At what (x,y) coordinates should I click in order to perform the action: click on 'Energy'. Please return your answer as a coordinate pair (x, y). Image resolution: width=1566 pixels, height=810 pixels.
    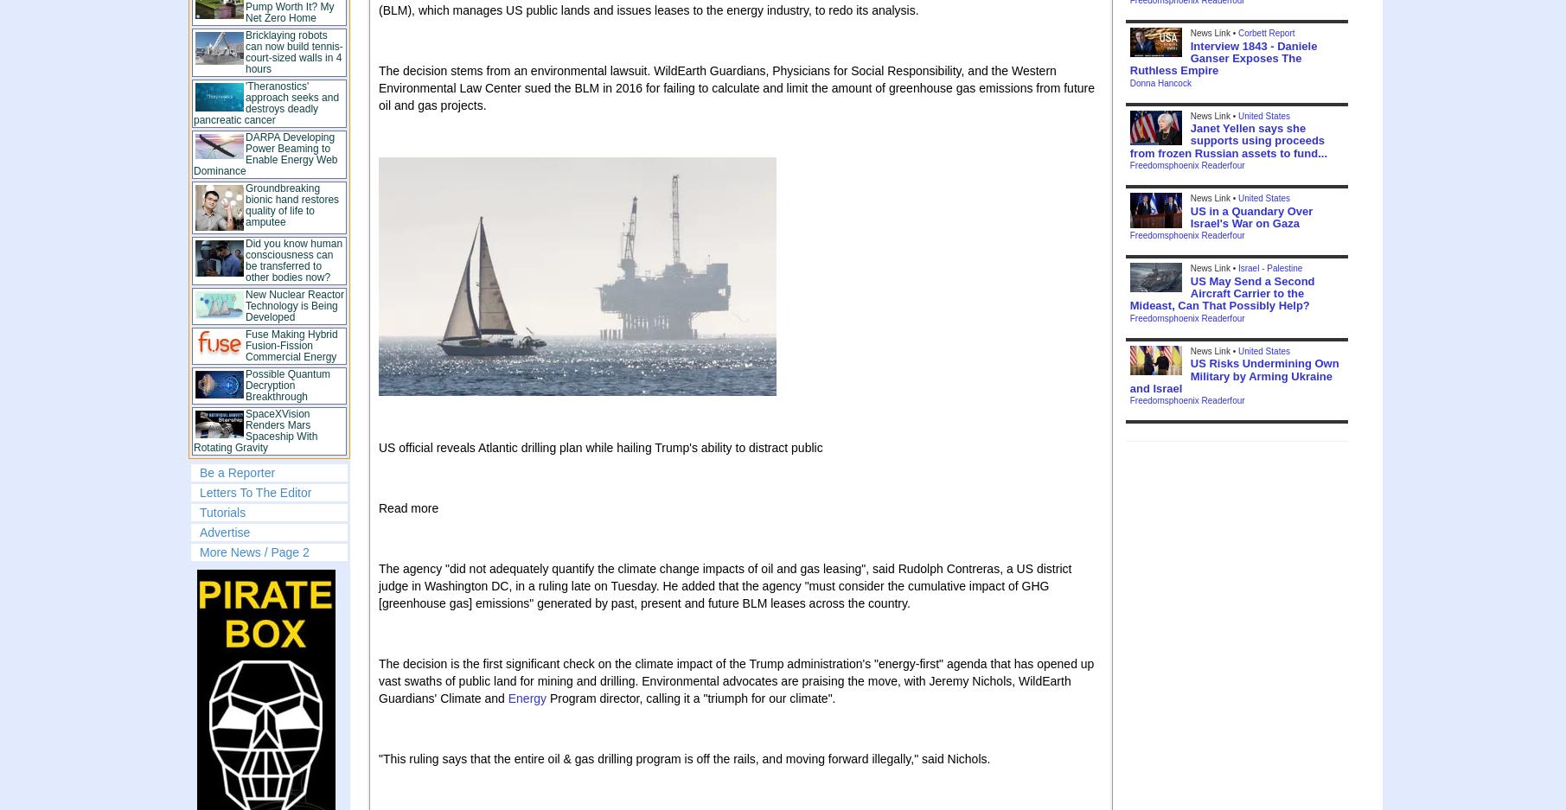
    Looking at the image, I should click on (527, 697).